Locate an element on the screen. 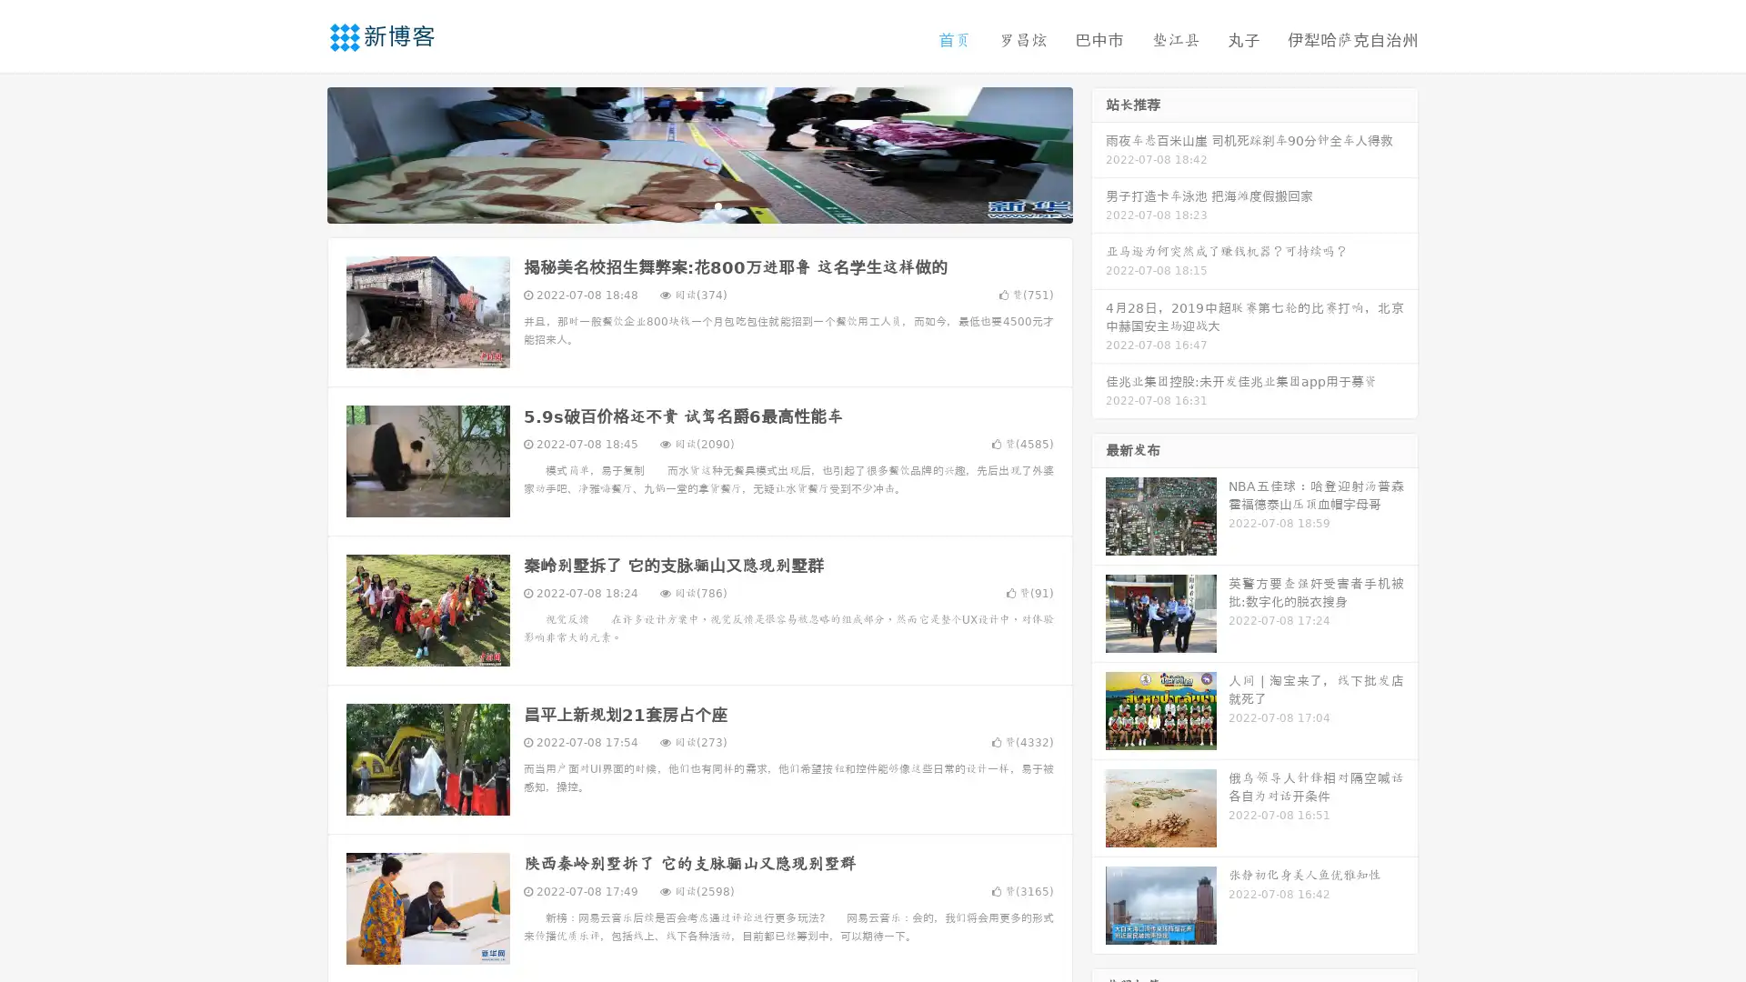 This screenshot has width=1746, height=982. Previous slide is located at coordinates (300, 153).